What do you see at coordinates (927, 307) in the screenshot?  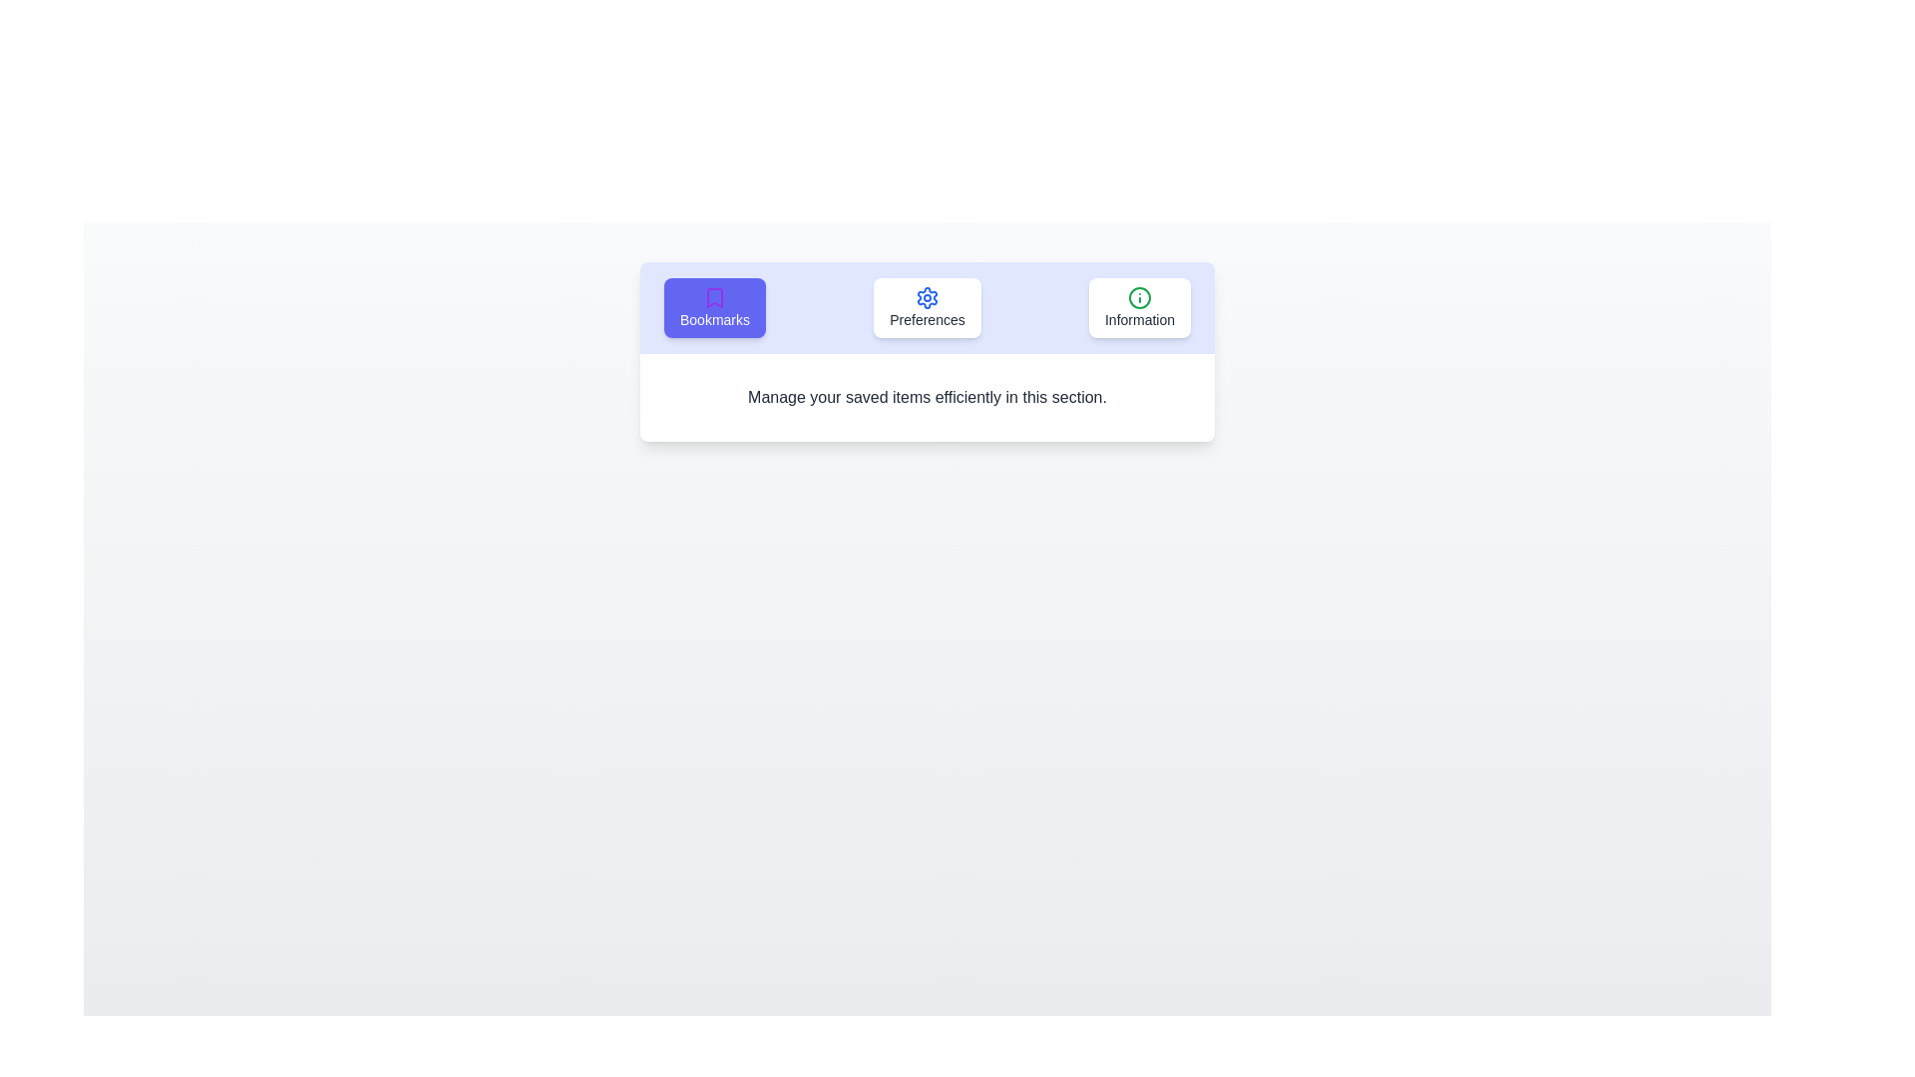 I see `the tab labeled Preferences to observe its visual changes` at bounding box center [927, 307].